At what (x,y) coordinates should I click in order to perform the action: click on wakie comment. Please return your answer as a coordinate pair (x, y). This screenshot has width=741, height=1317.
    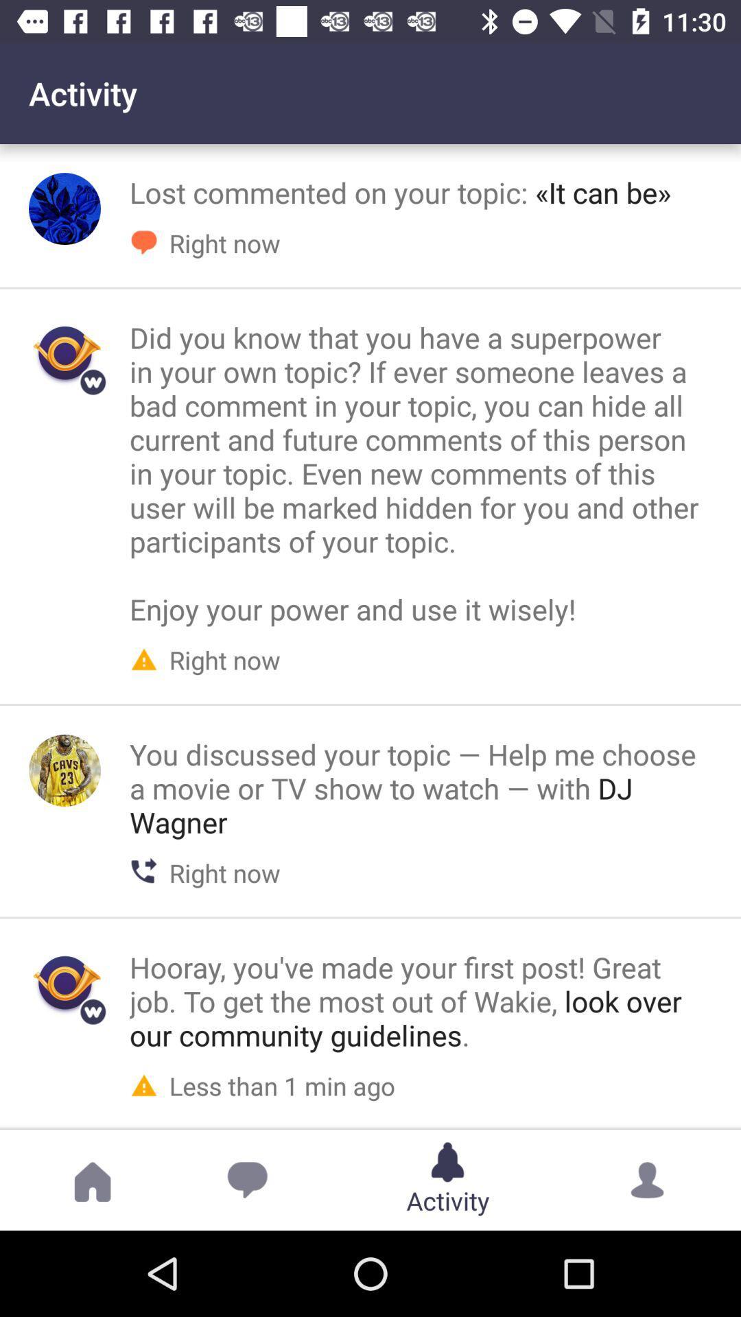
    Looking at the image, I should click on (64, 983).